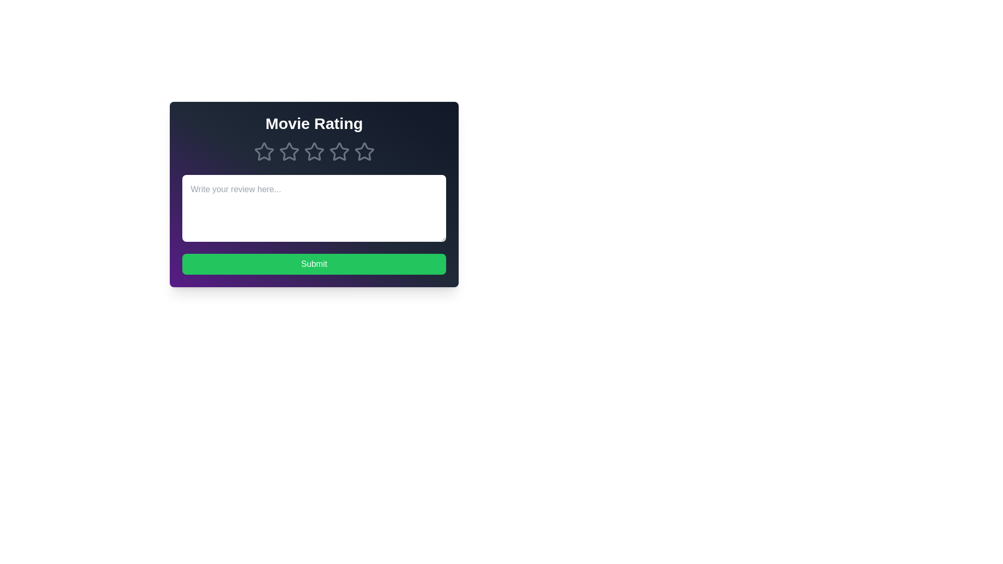  Describe the element at coordinates (264, 151) in the screenshot. I see `the star corresponding to 1 stars to preview the rating` at that location.